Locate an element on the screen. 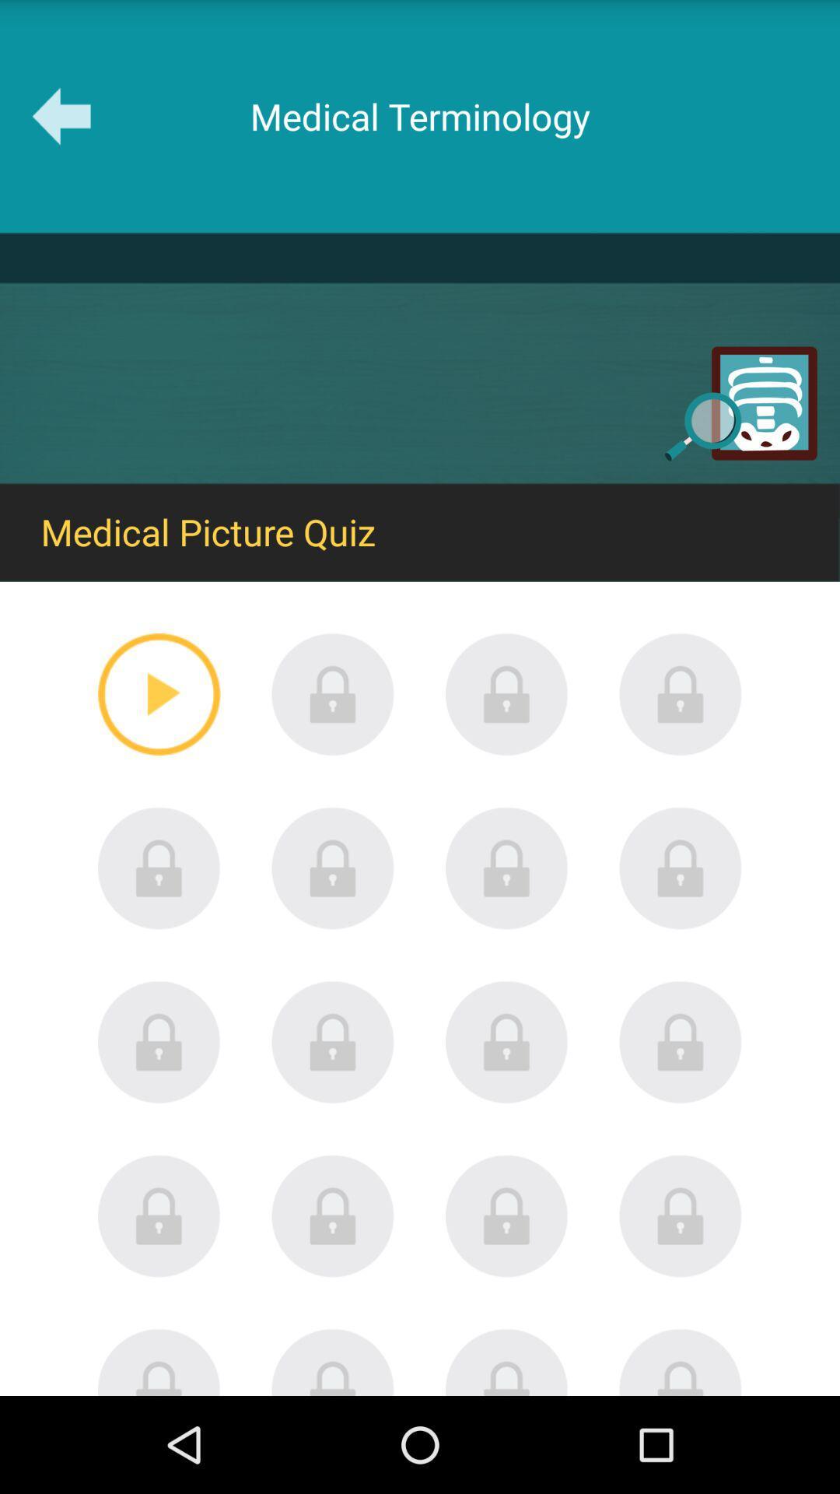  open quiz 7 is located at coordinates (506, 868).